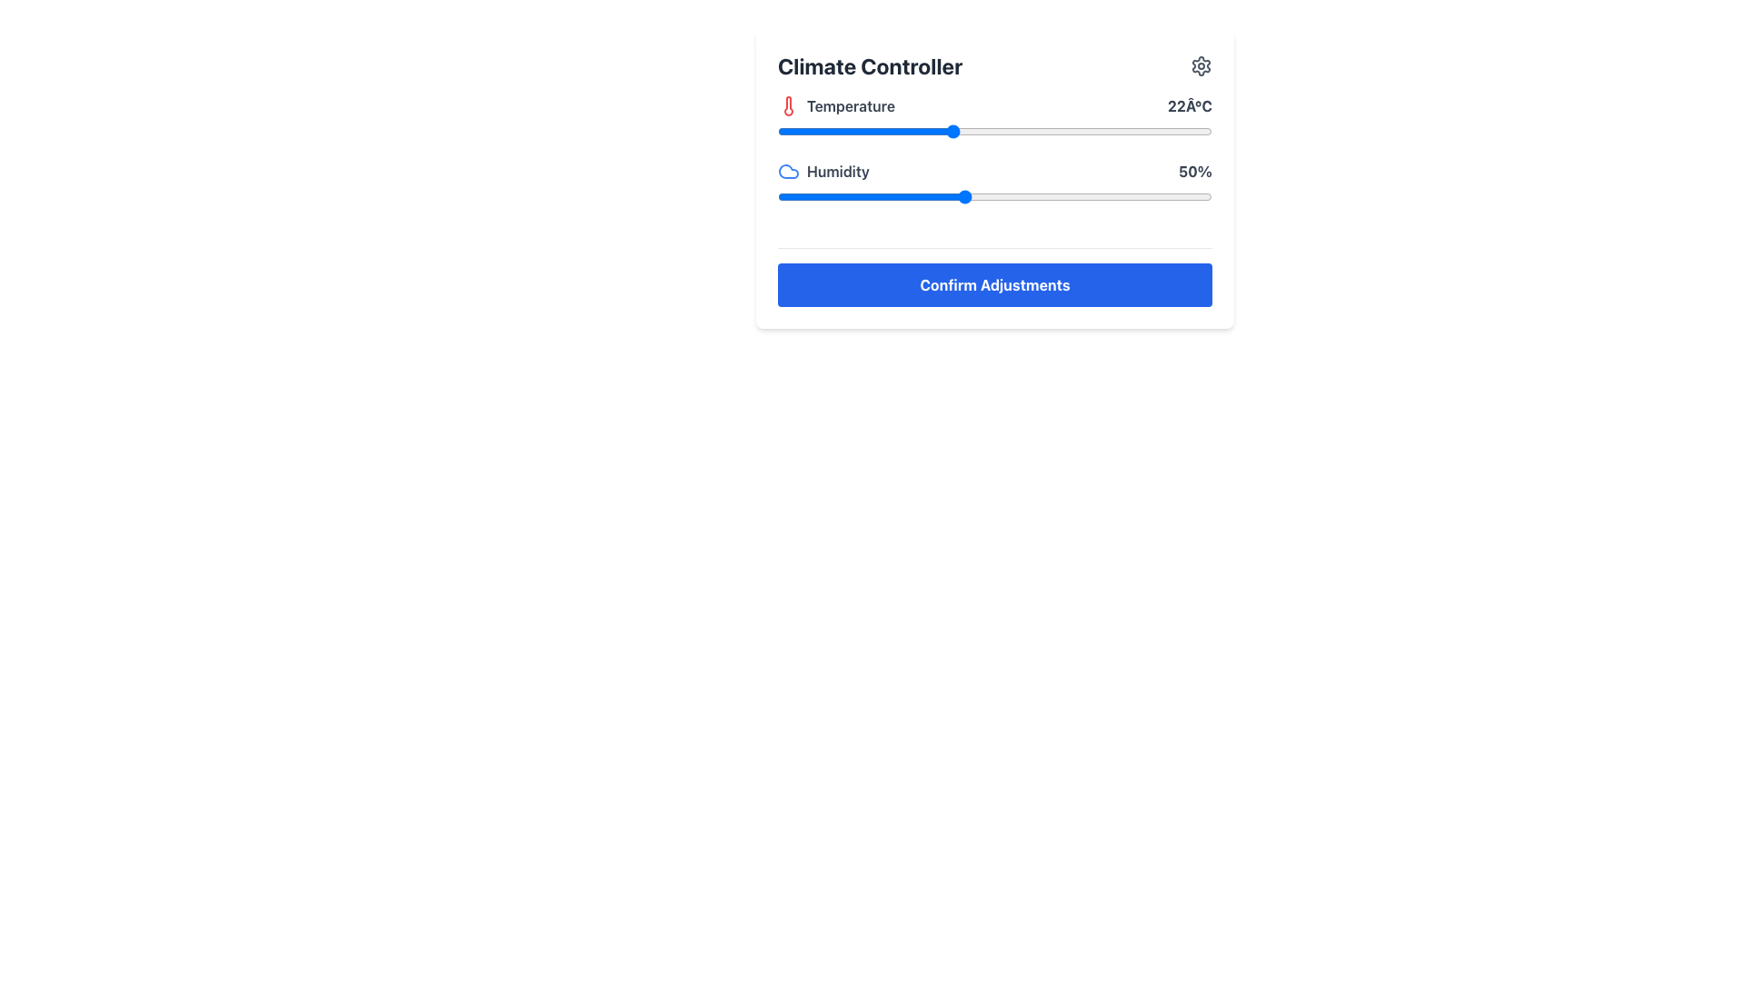 Image resolution: width=1745 pixels, height=981 pixels. I want to click on the information display unit that shows the environmental humidity level, labeled 'Humidity' with a numeric value of '50%', so click(993, 172).